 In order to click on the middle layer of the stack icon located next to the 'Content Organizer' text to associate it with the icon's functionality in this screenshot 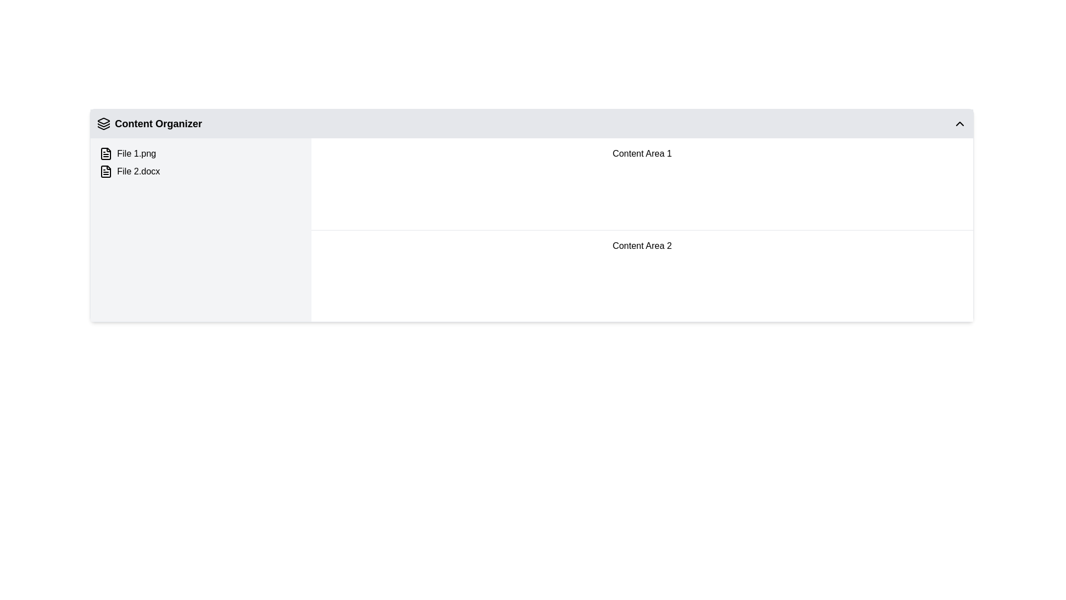, I will do `click(104, 125)`.